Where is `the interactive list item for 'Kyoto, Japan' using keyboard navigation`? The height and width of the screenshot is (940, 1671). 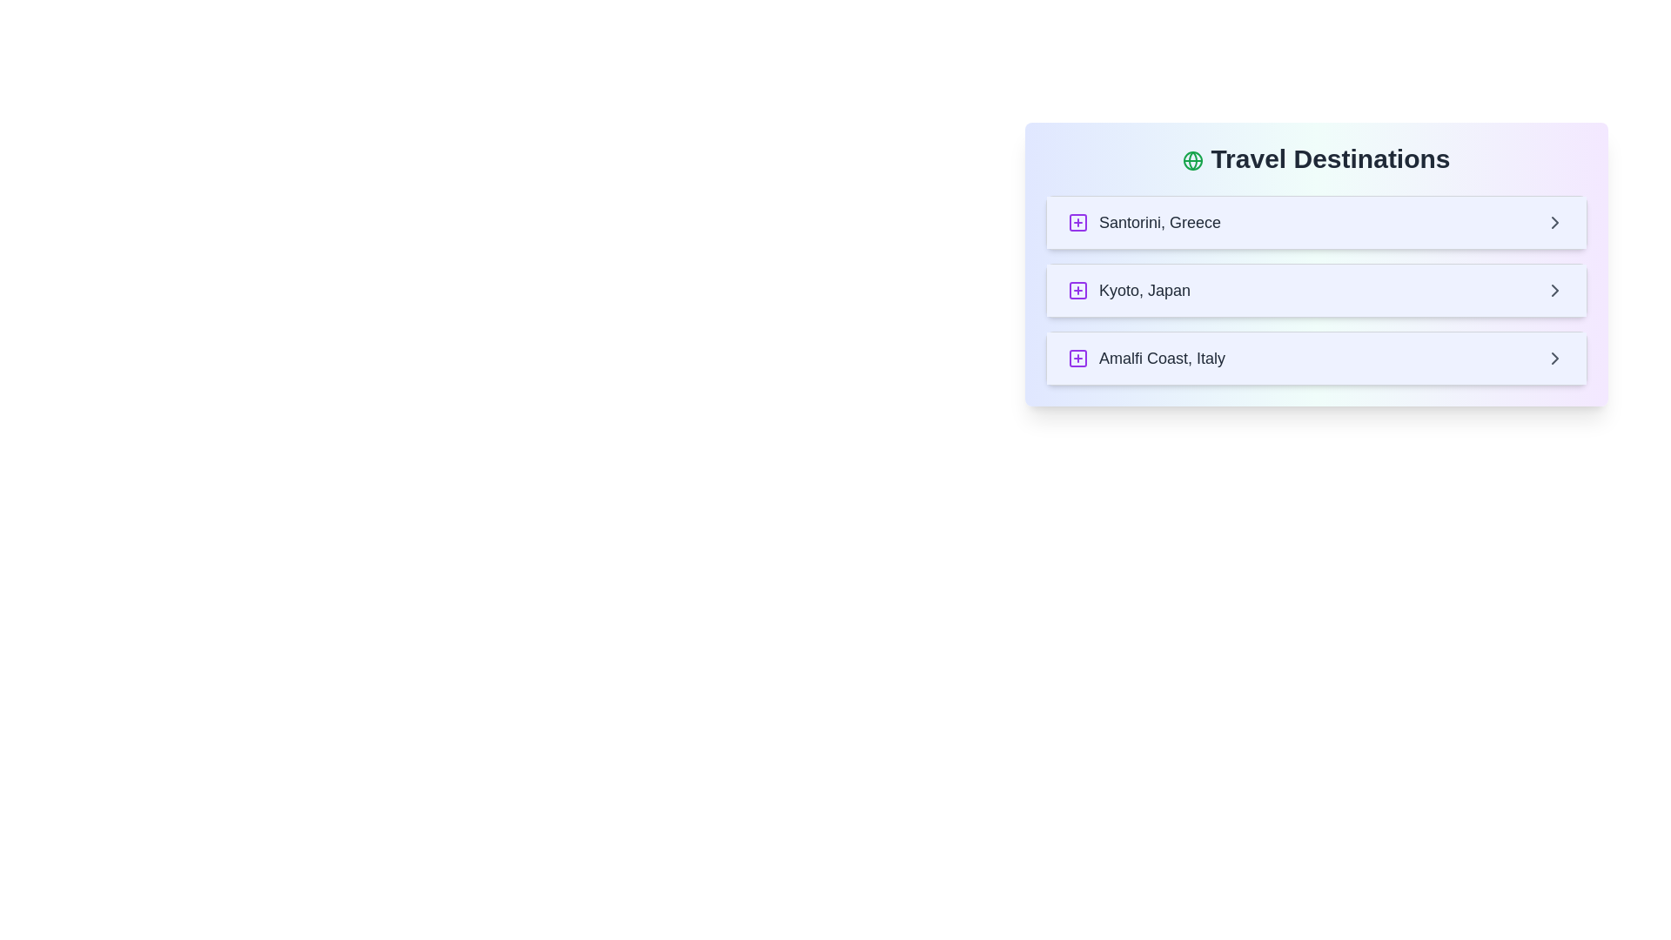
the interactive list item for 'Kyoto, Japan' using keyboard navigation is located at coordinates (1316, 290).